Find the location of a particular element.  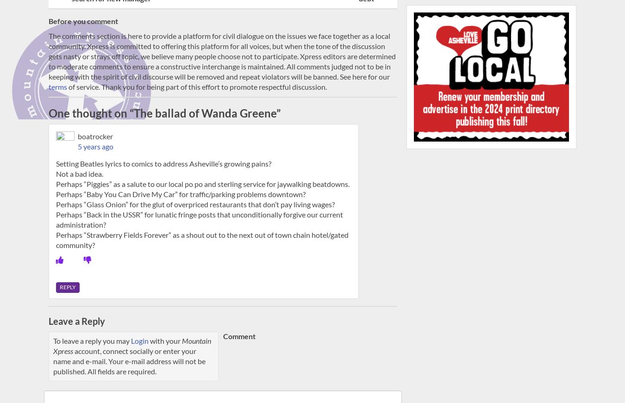

'Setting Beatles lyrics to comics to address Asheville’s growing pains?' is located at coordinates (163, 163).